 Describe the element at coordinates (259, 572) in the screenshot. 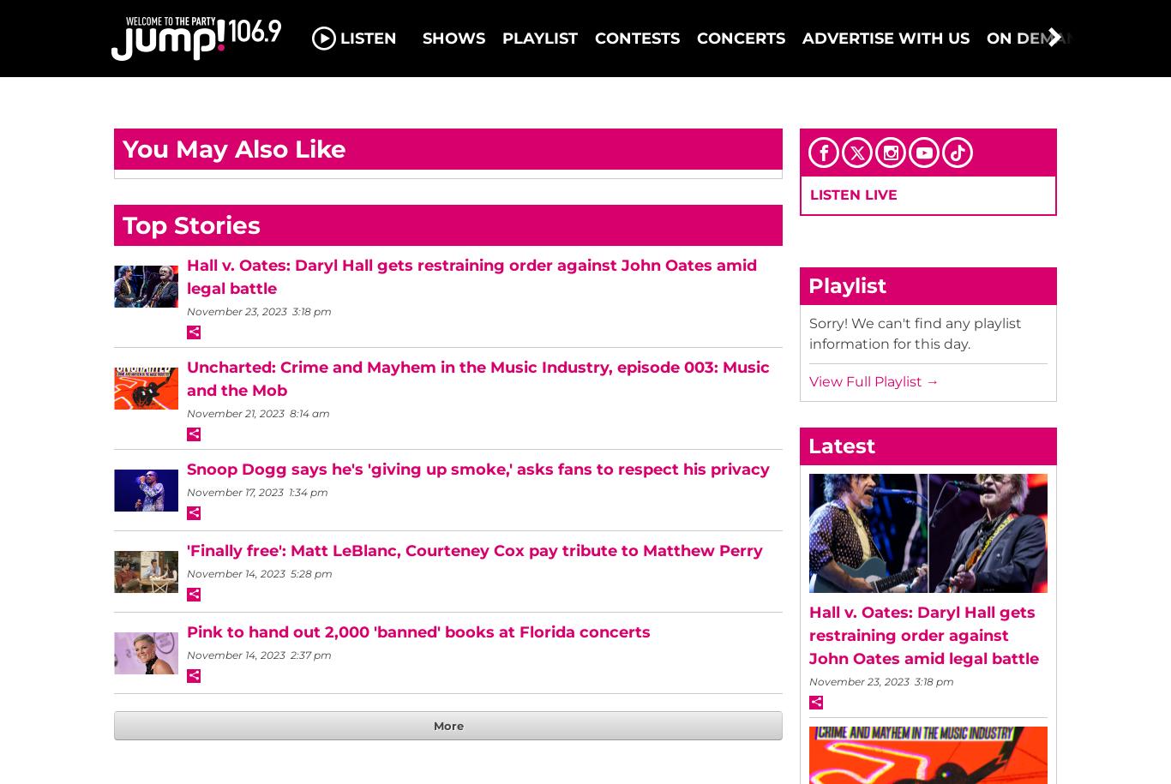

I see `'November 14, 2023  5:28 pm'` at that location.